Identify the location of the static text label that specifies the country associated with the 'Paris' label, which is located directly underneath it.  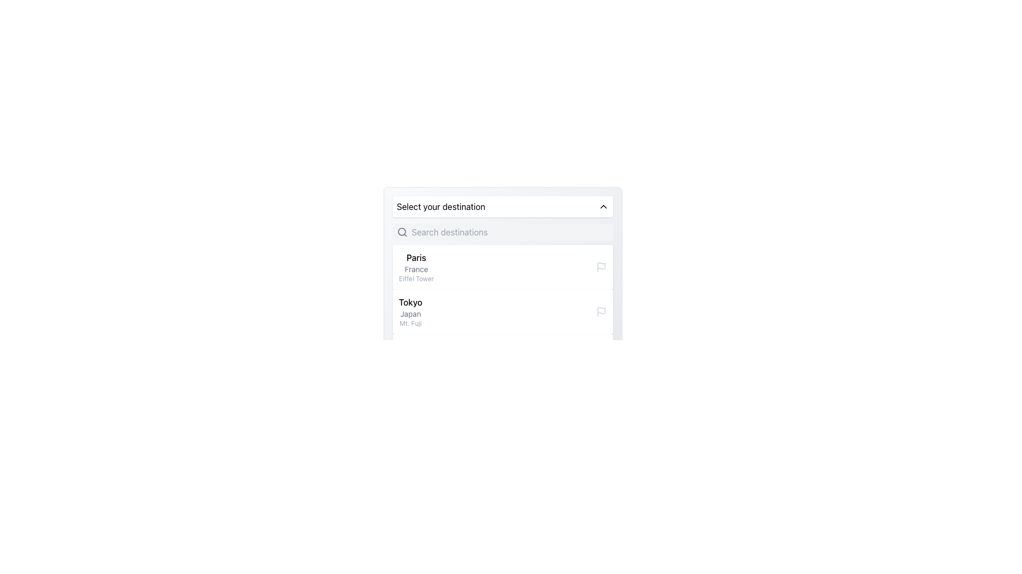
(416, 268).